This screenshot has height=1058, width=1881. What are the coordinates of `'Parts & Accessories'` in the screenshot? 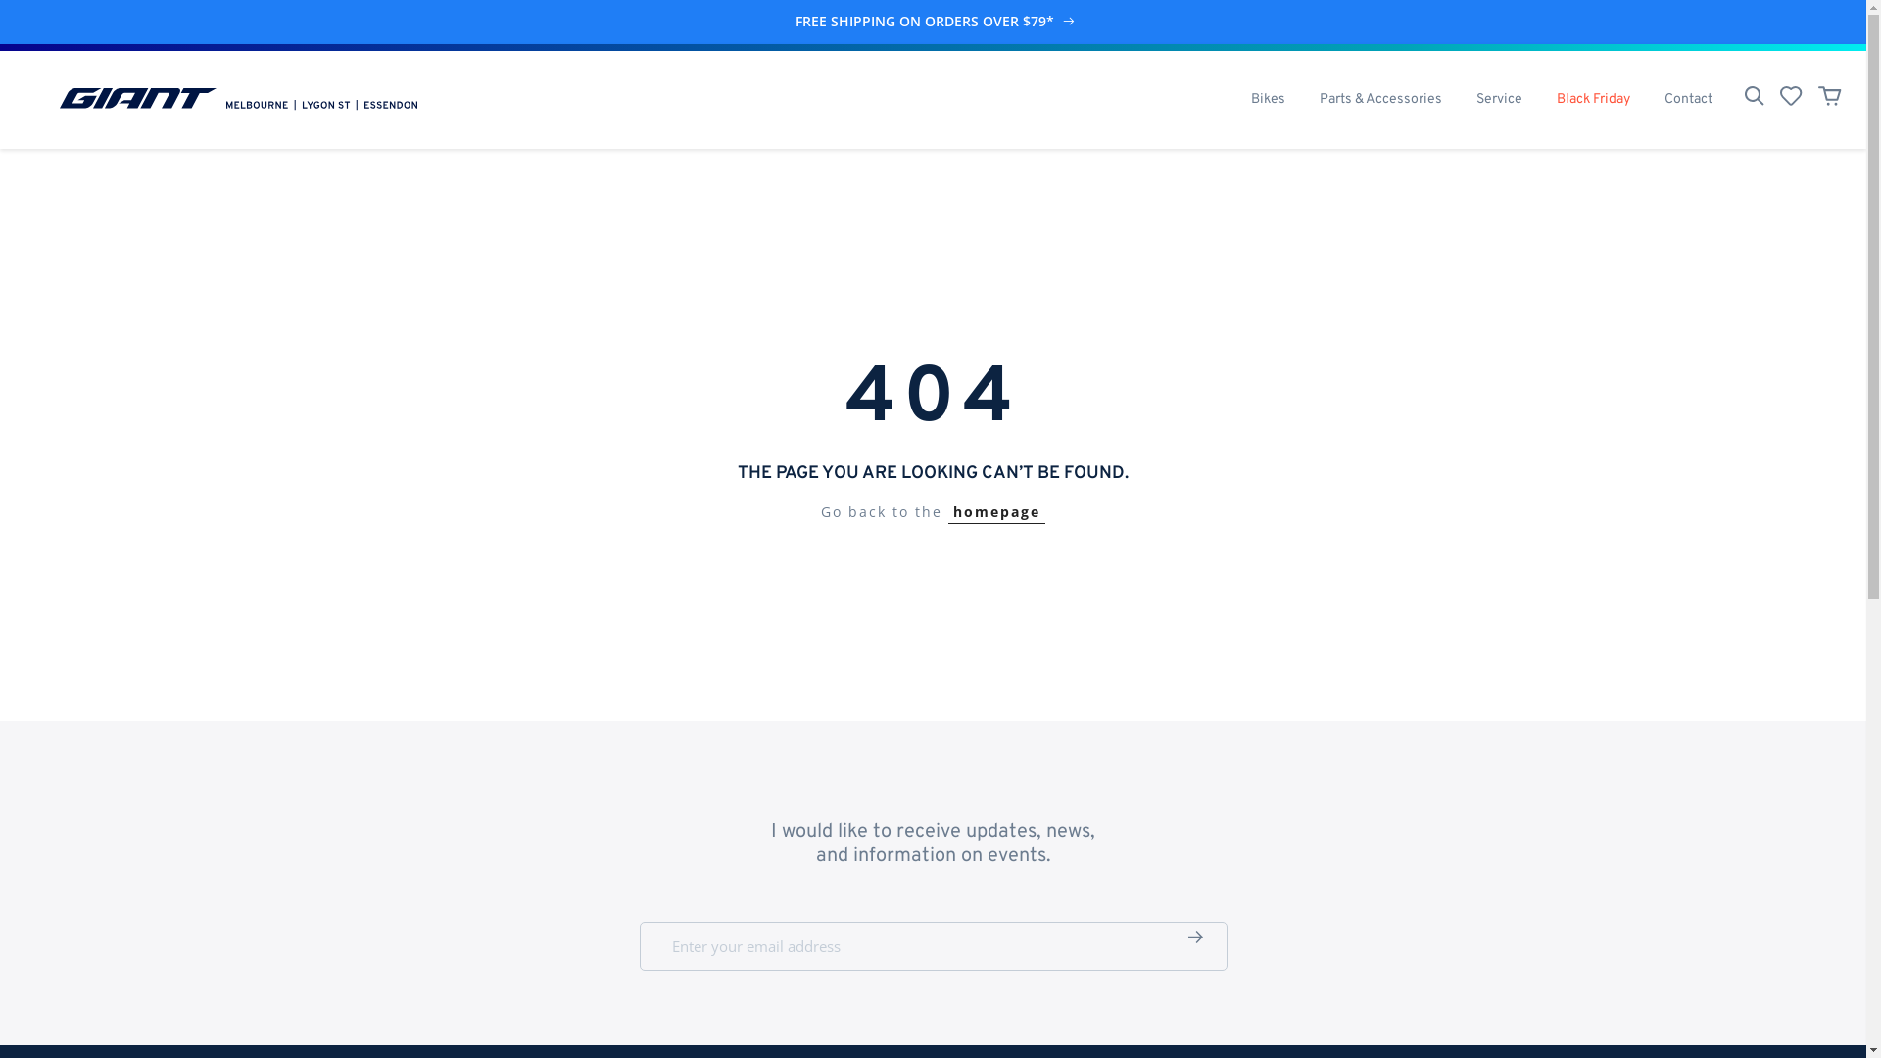 It's located at (1302, 99).